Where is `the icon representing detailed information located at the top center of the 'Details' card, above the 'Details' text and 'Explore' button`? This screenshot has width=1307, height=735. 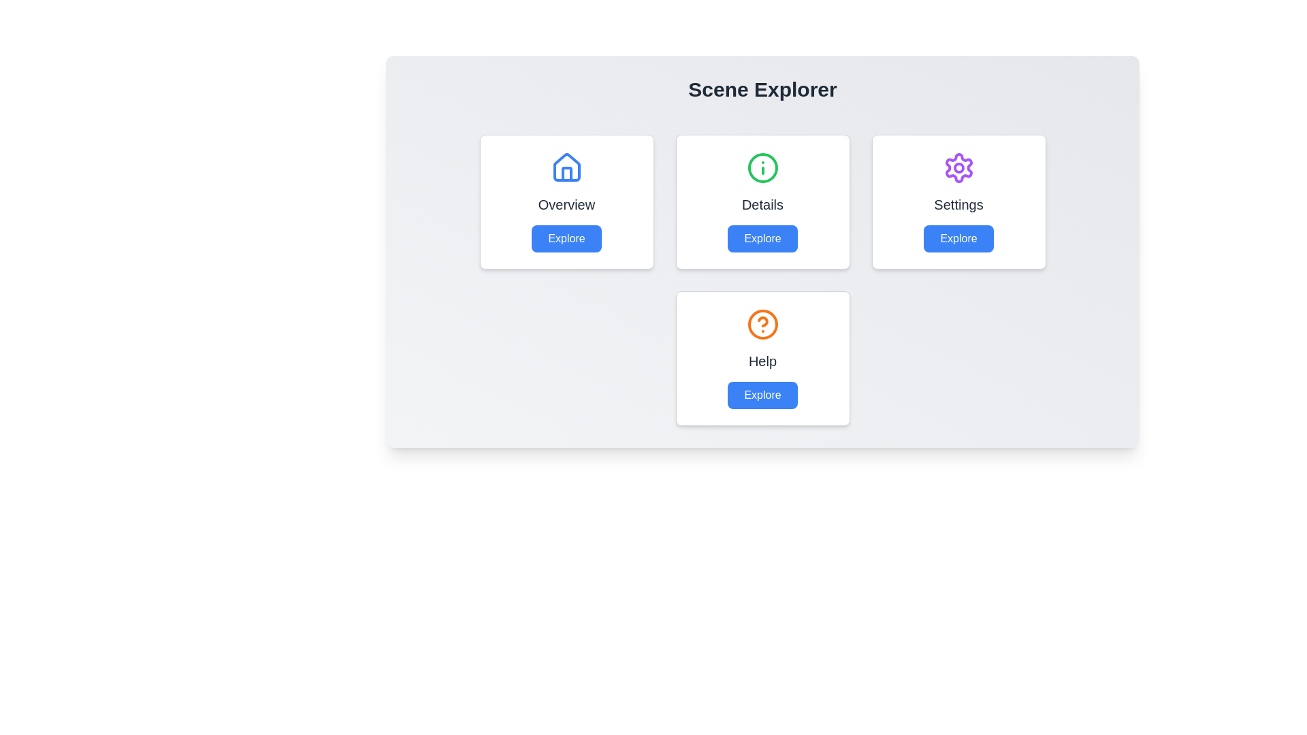
the icon representing detailed information located at the top center of the 'Details' card, above the 'Details' text and 'Explore' button is located at coordinates (762, 167).